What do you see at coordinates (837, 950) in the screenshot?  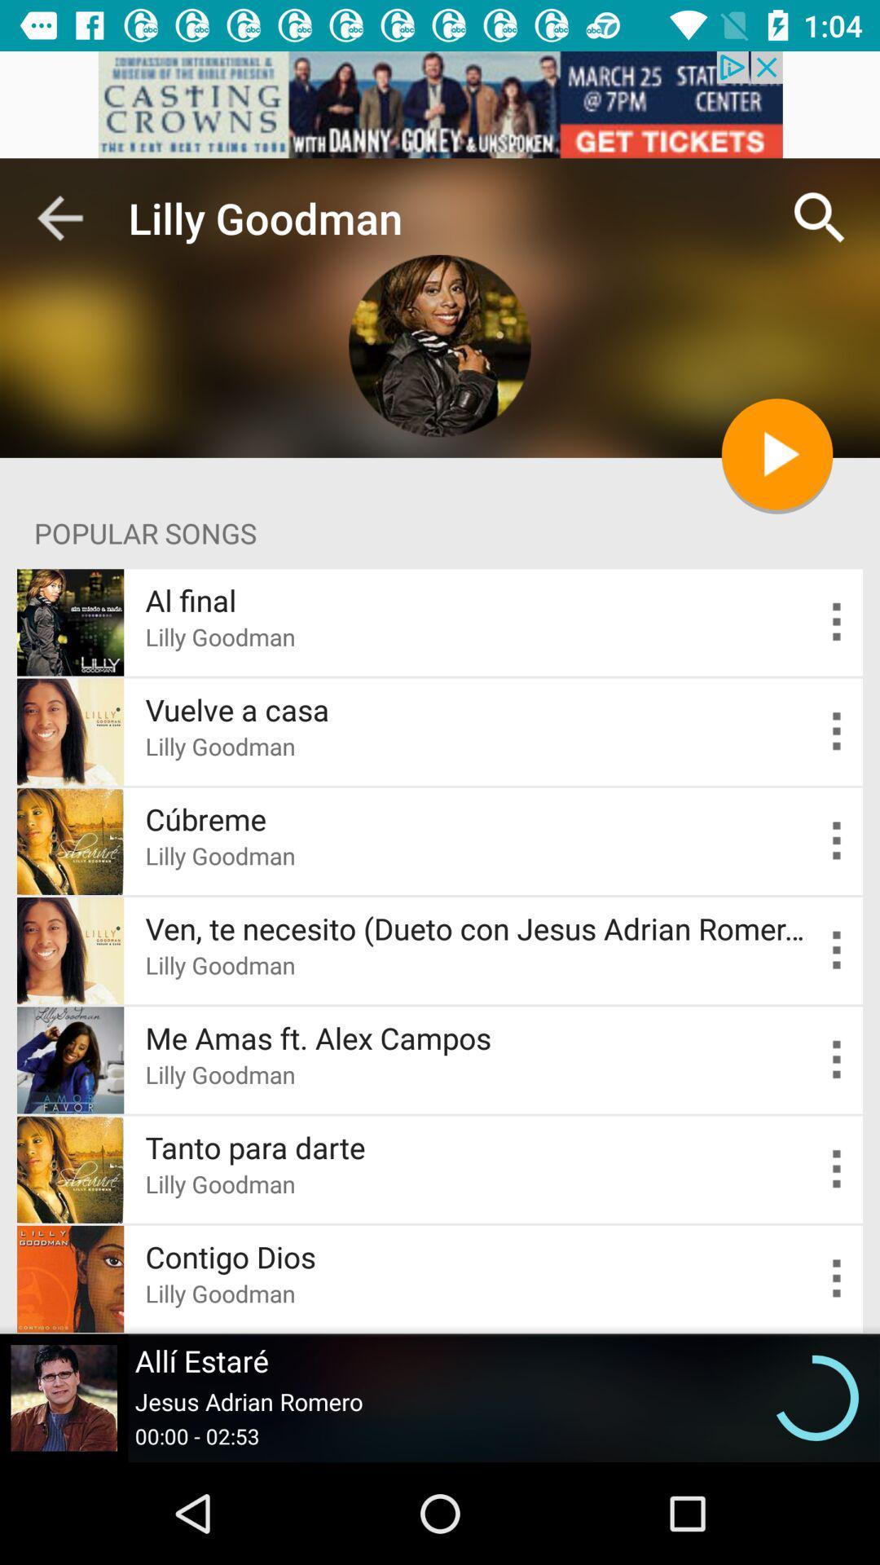 I see `the more icon` at bounding box center [837, 950].